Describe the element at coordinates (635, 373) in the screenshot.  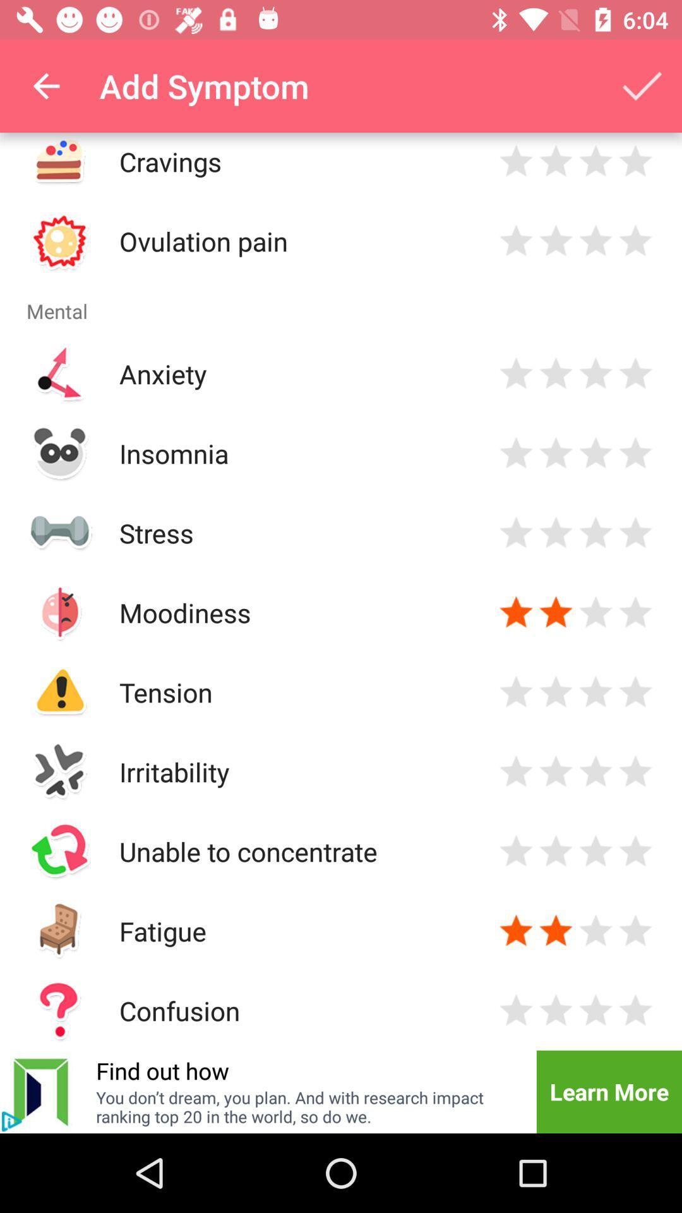
I see `rate four stars` at that location.